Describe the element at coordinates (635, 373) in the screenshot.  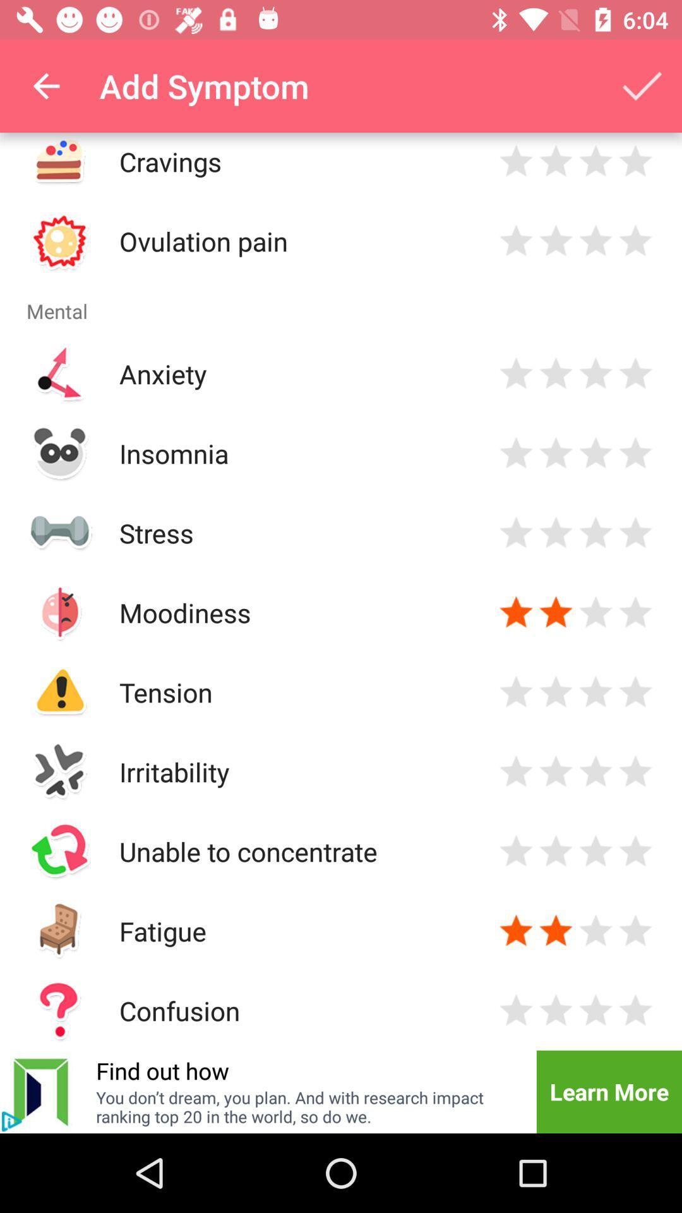
I see `rate four stars` at that location.